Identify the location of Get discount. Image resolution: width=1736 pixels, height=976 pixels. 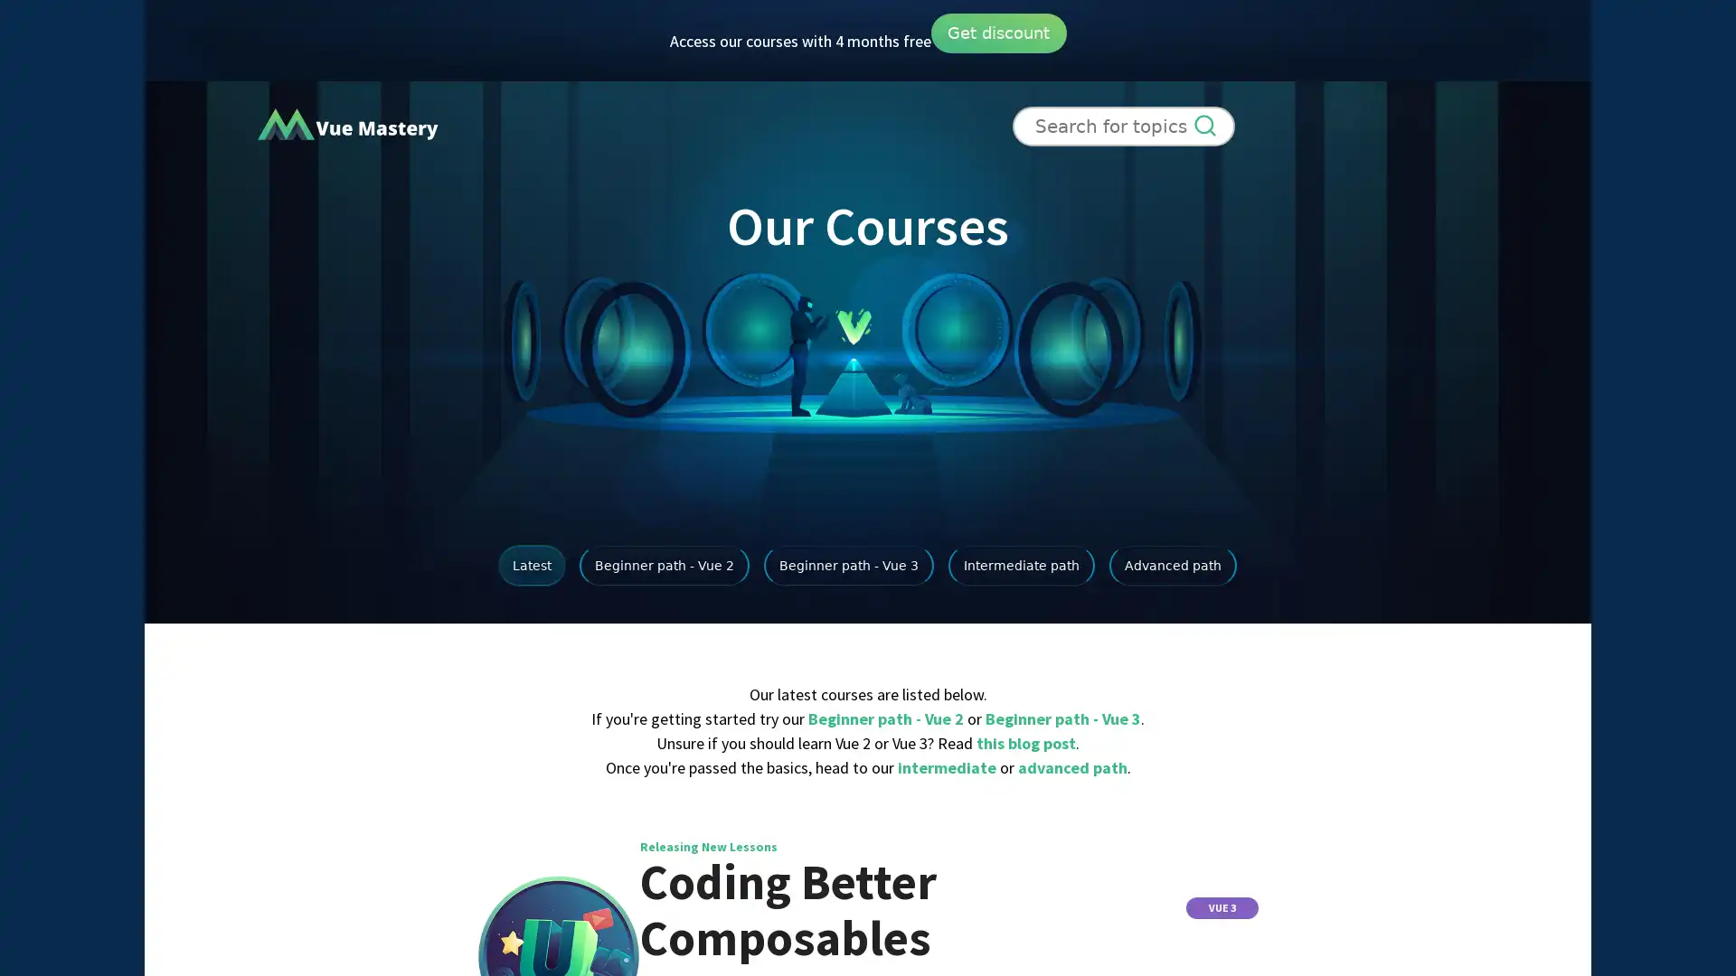
(1013, 41).